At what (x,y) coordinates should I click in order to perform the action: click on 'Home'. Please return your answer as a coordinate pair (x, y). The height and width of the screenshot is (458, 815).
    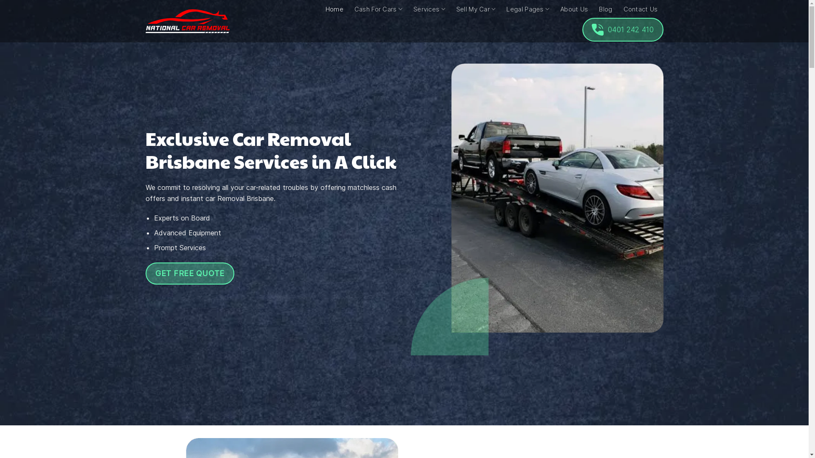
    Looking at the image, I should click on (334, 9).